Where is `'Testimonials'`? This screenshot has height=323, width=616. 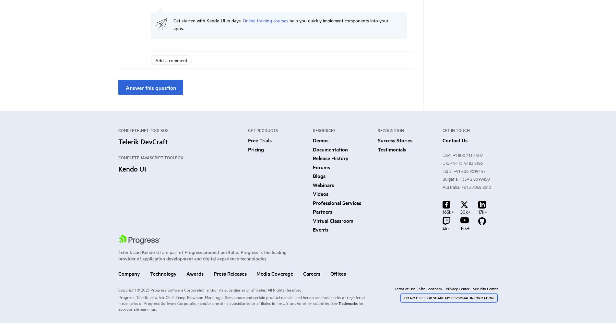 'Testimonials' is located at coordinates (391, 148).